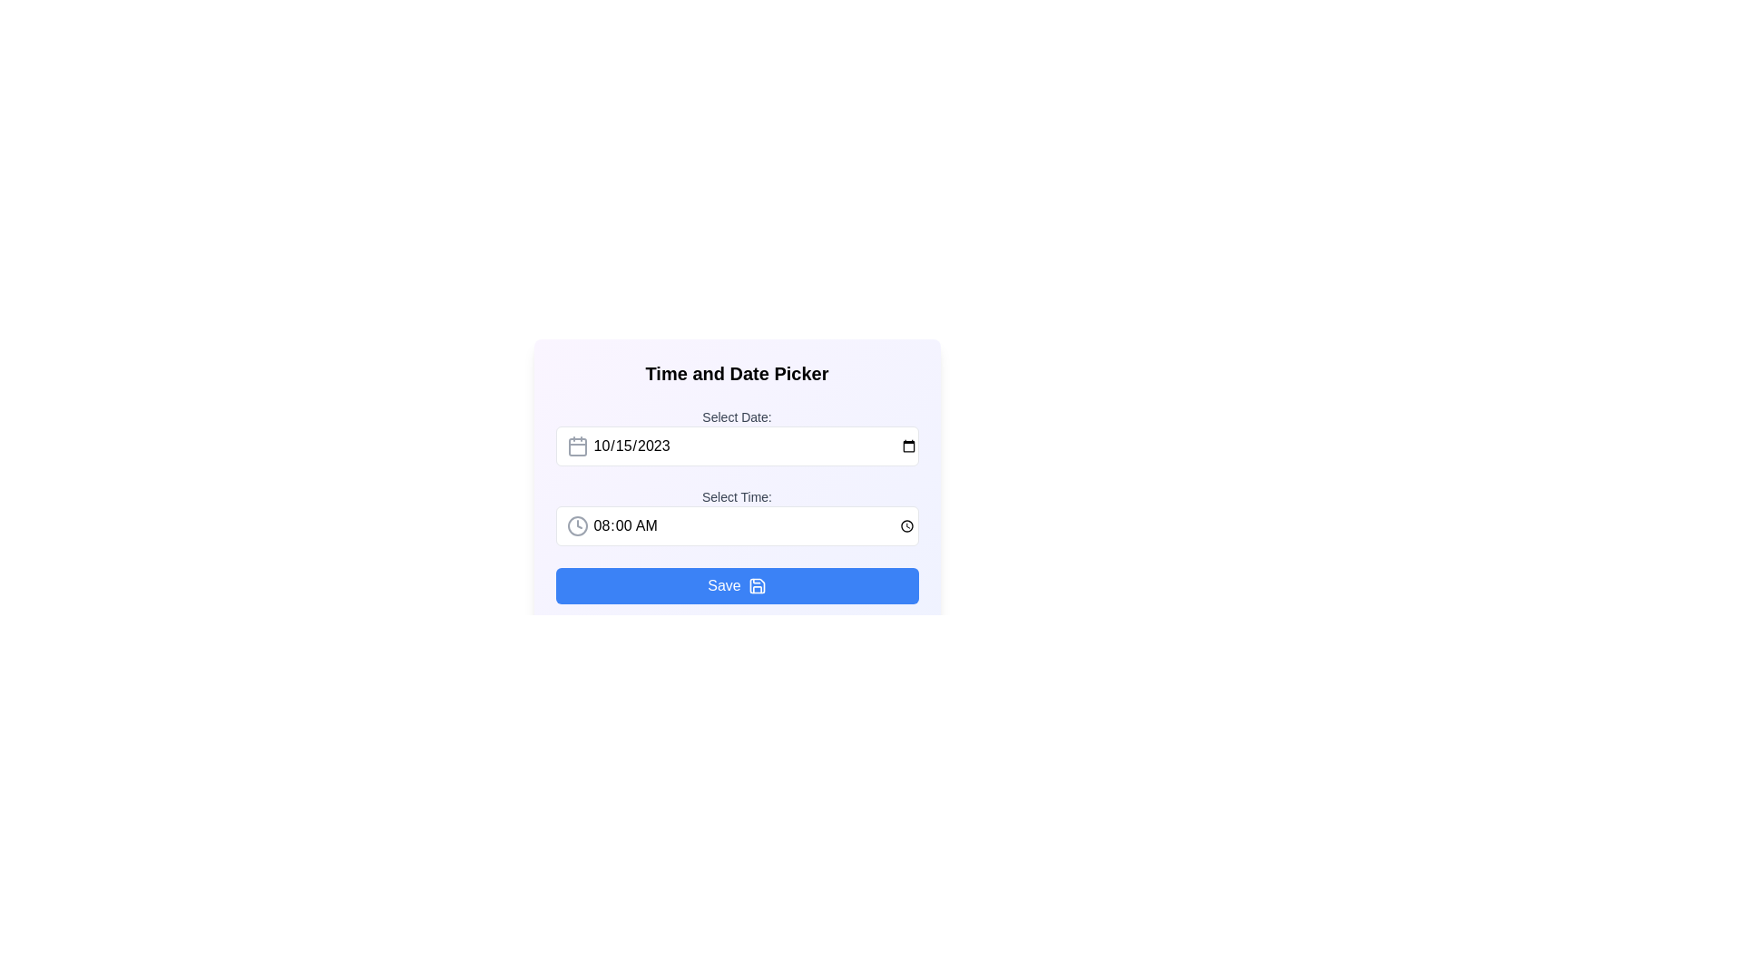 This screenshot has height=980, width=1742. I want to click on the clock icon with a circular frame and two hands in the 'Select Time' section, located to the left of the input field displaying '08:00 AM', so click(576, 525).